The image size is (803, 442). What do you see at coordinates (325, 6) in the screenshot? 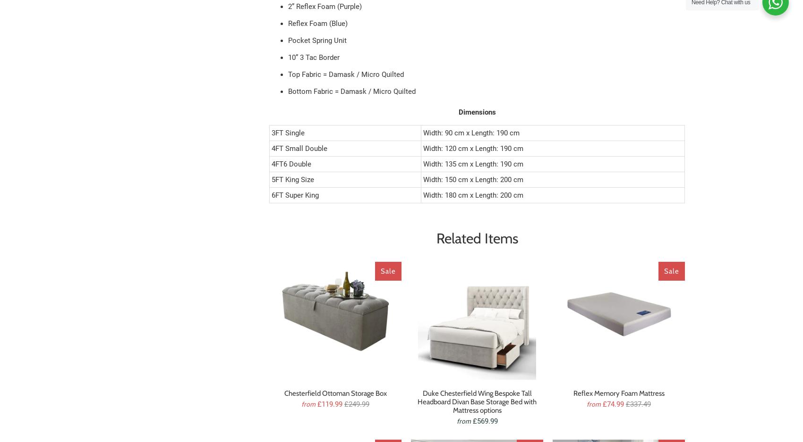
I see `'2” Reflex Foam (Purple)'` at bounding box center [325, 6].